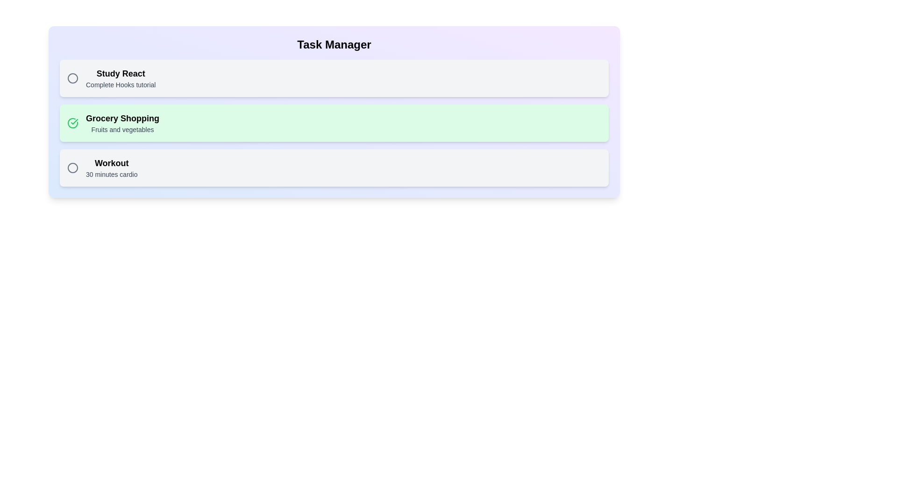 This screenshot has height=504, width=897. What do you see at coordinates (112, 175) in the screenshot?
I see `text content of the label displaying '30 minutes cardio', which is located beneath the 'Workout' title` at bounding box center [112, 175].